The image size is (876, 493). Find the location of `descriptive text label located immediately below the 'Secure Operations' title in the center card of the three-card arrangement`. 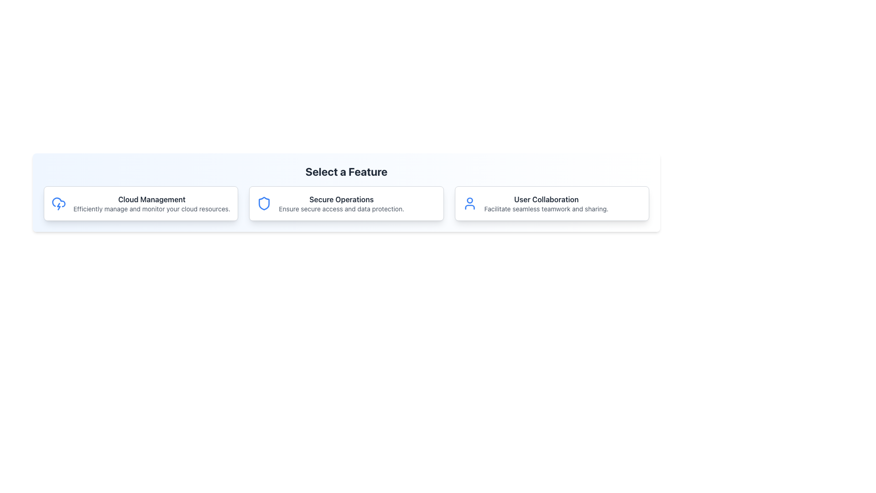

descriptive text label located immediately below the 'Secure Operations' title in the center card of the three-card arrangement is located at coordinates (341, 209).